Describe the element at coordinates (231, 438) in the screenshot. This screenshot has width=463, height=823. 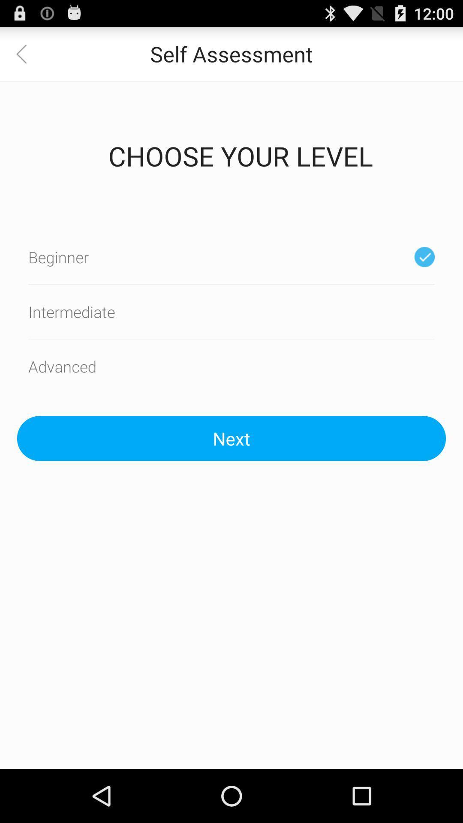
I see `the next icon` at that location.